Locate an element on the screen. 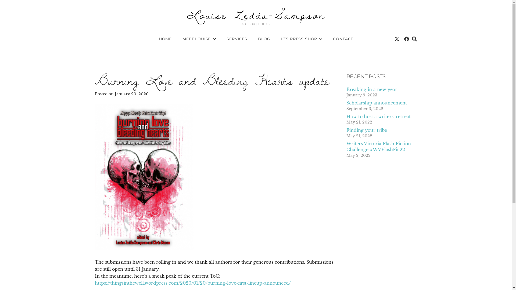 The width and height of the screenshot is (516, 290). 'BLOG' is located at coordinates (264, 39).